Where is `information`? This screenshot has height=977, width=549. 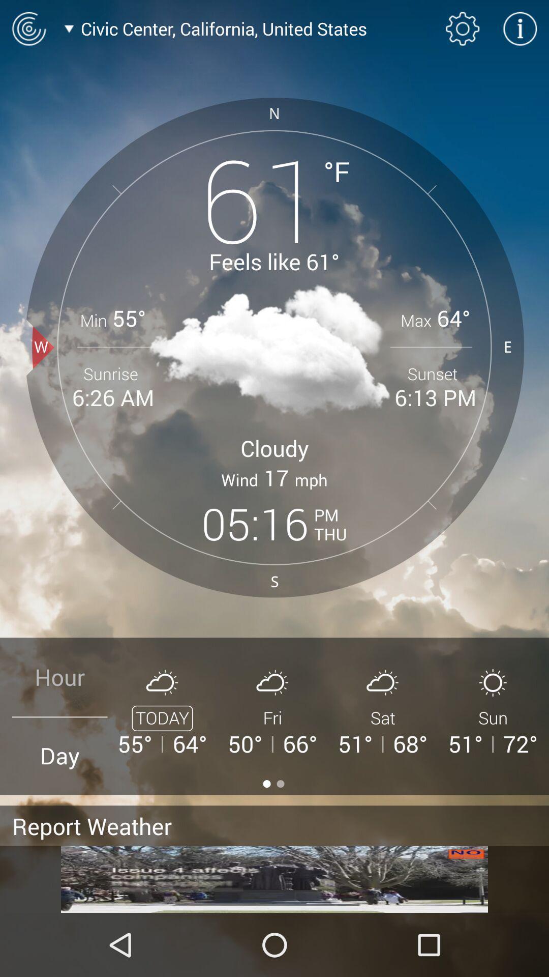 information is located at coordinates (520, 28).